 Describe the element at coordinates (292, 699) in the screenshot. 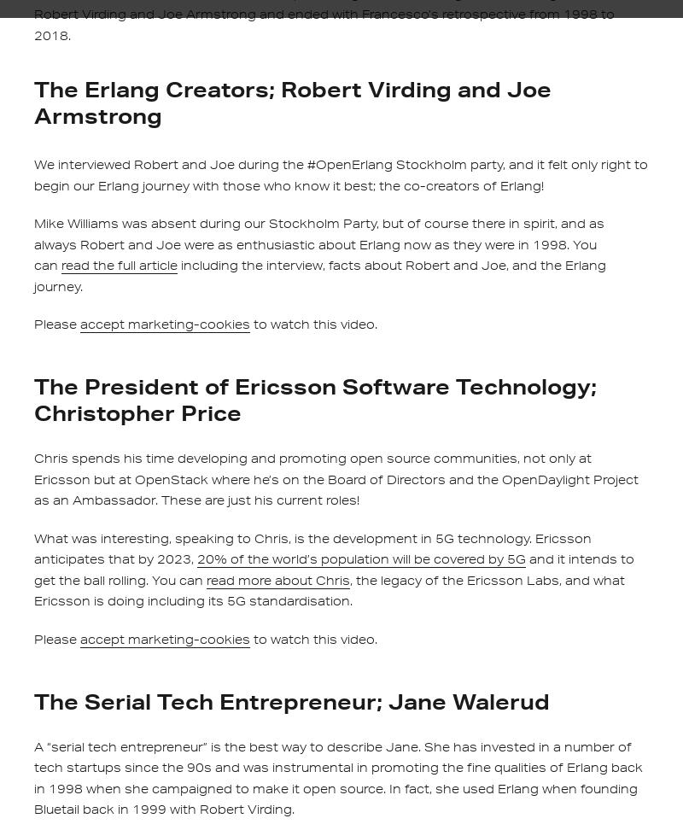

I see `'The Serial Tech Entrepreneur; Jane Walerud'` at that location.